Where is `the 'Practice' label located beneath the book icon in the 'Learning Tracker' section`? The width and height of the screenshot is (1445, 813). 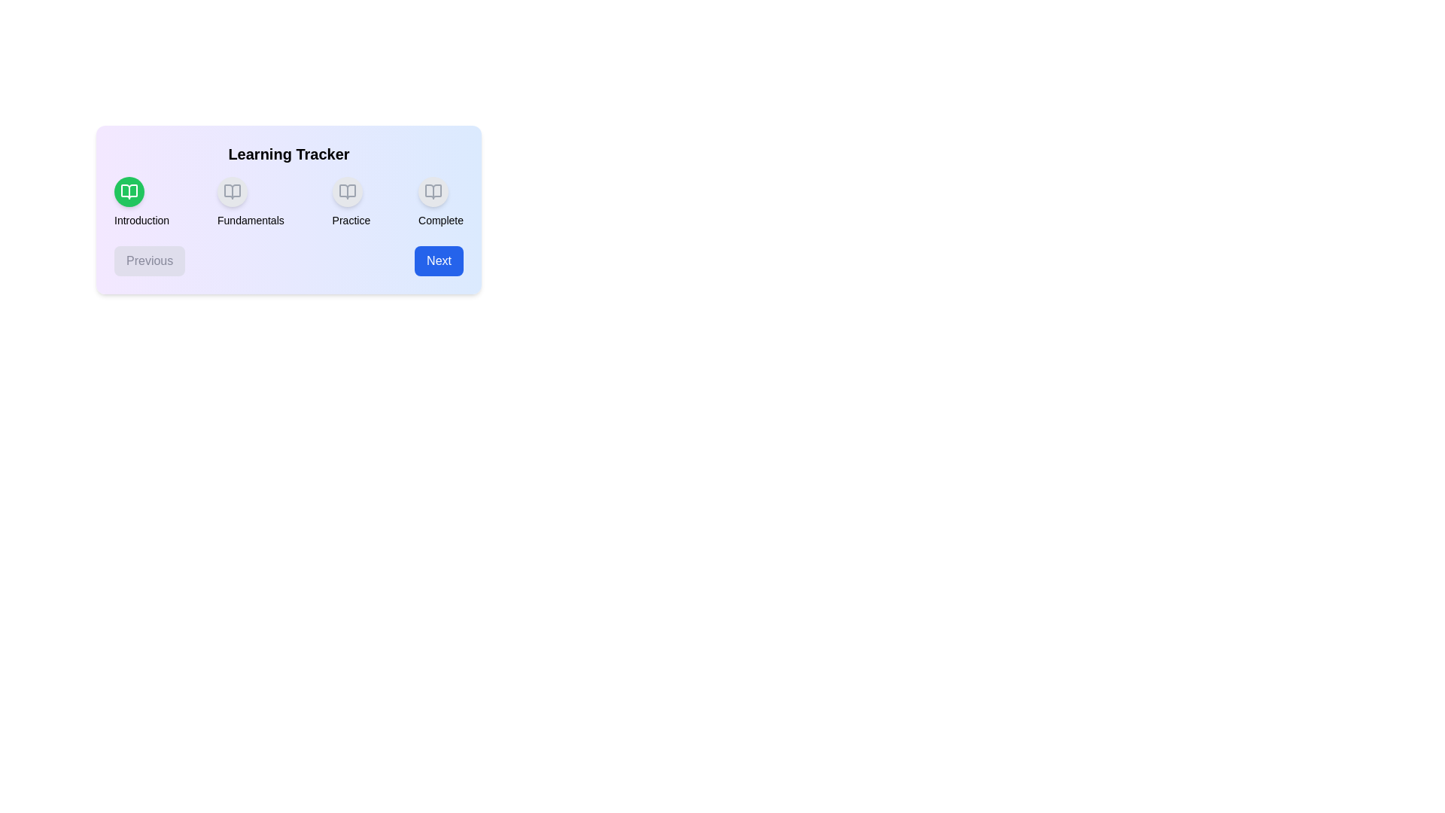 the 'Practice' label located beneath the book icon in the 'Learning Tracker' section is located at coordinates (350, 221).